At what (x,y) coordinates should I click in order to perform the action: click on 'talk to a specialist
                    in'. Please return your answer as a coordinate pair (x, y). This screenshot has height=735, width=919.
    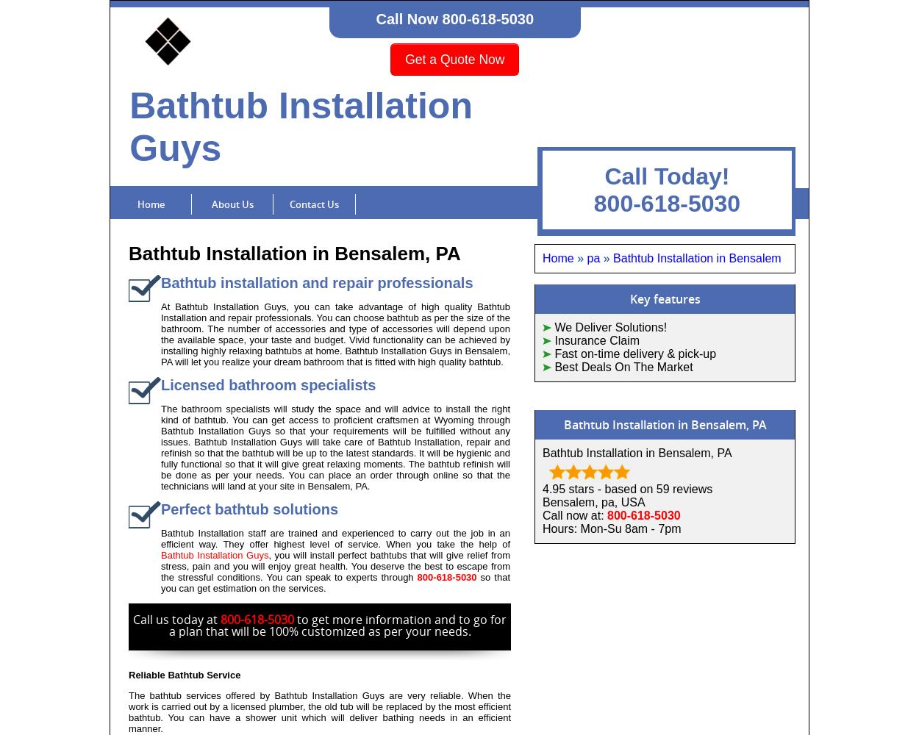
    Looking at the image, I should click on (604, 684).